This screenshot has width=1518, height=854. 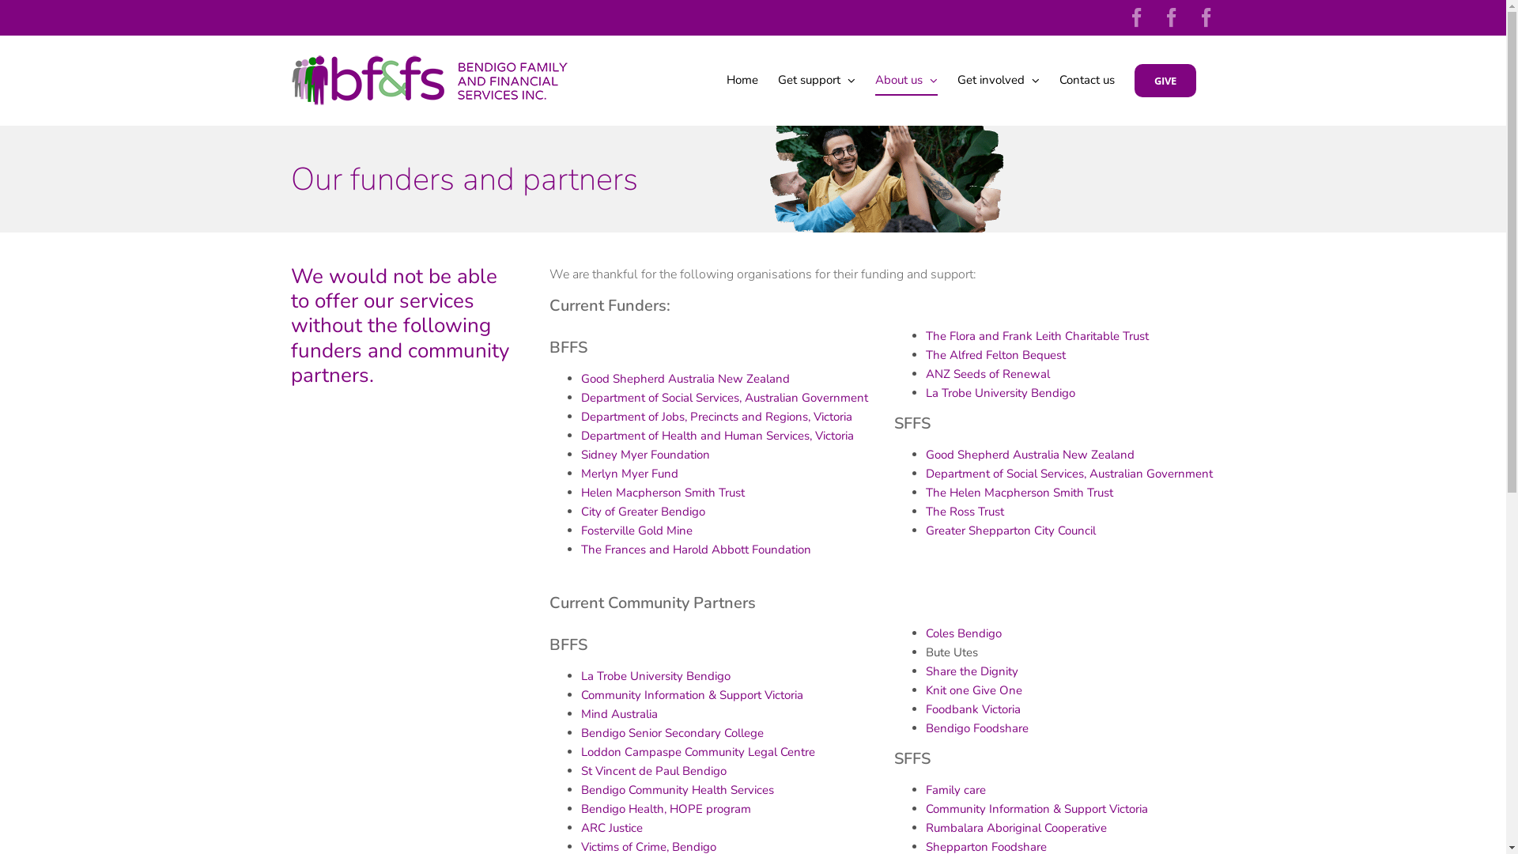 I want to click on 'Facebook', so click(x=1126, y=17).